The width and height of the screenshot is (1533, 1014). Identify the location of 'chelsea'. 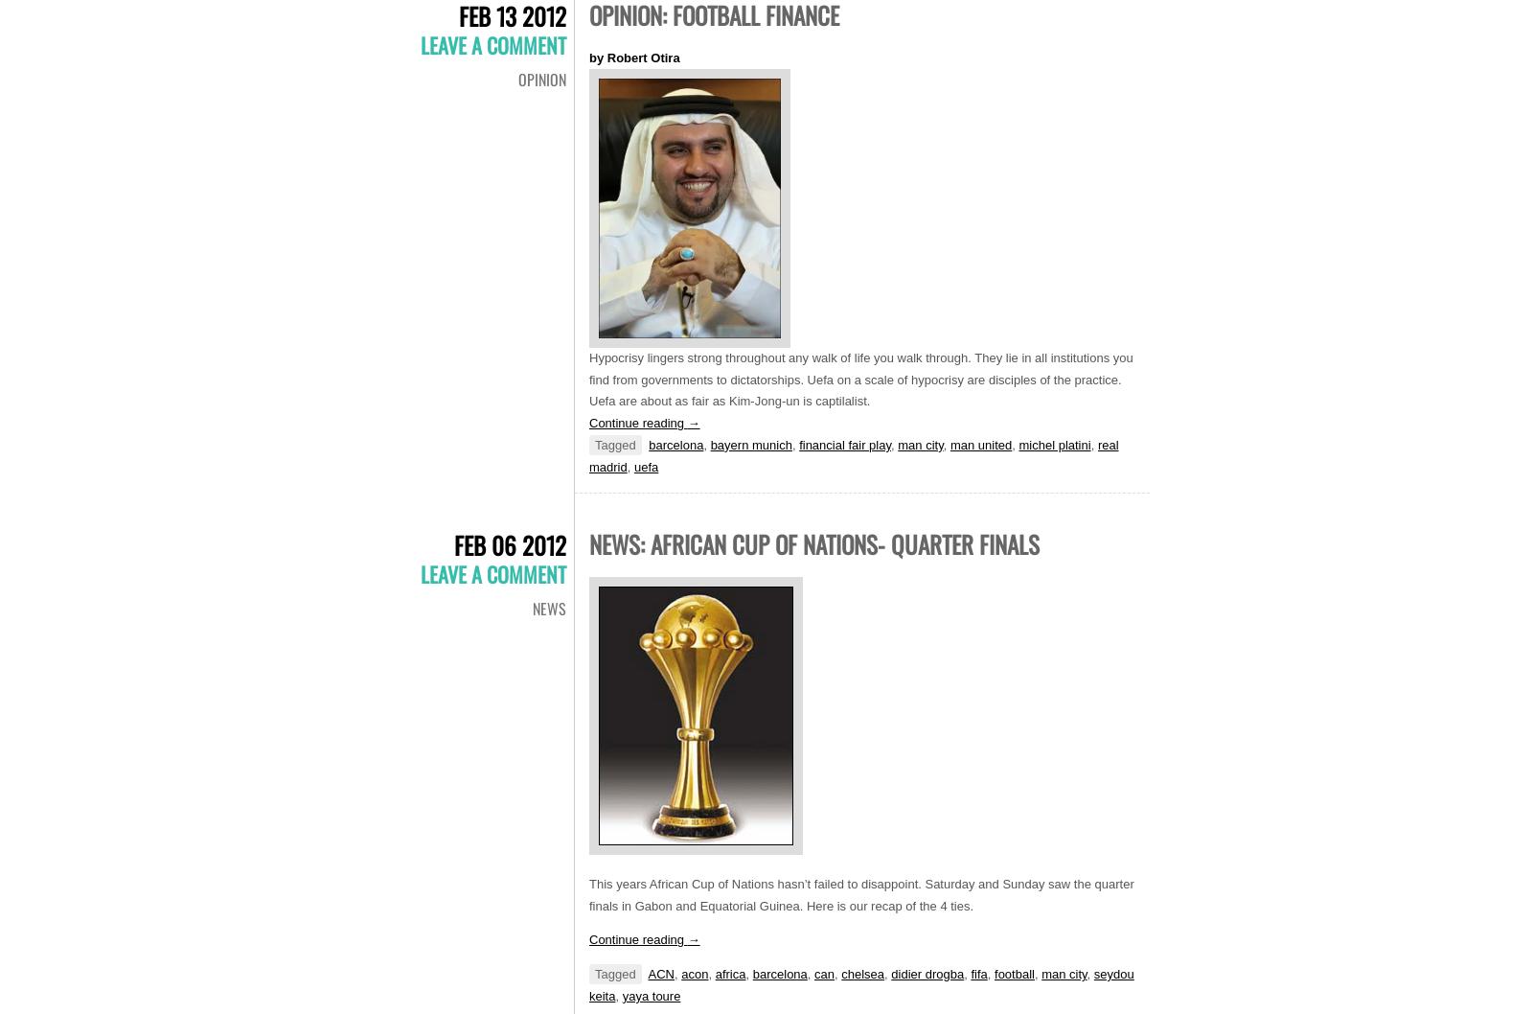
(839, 973).